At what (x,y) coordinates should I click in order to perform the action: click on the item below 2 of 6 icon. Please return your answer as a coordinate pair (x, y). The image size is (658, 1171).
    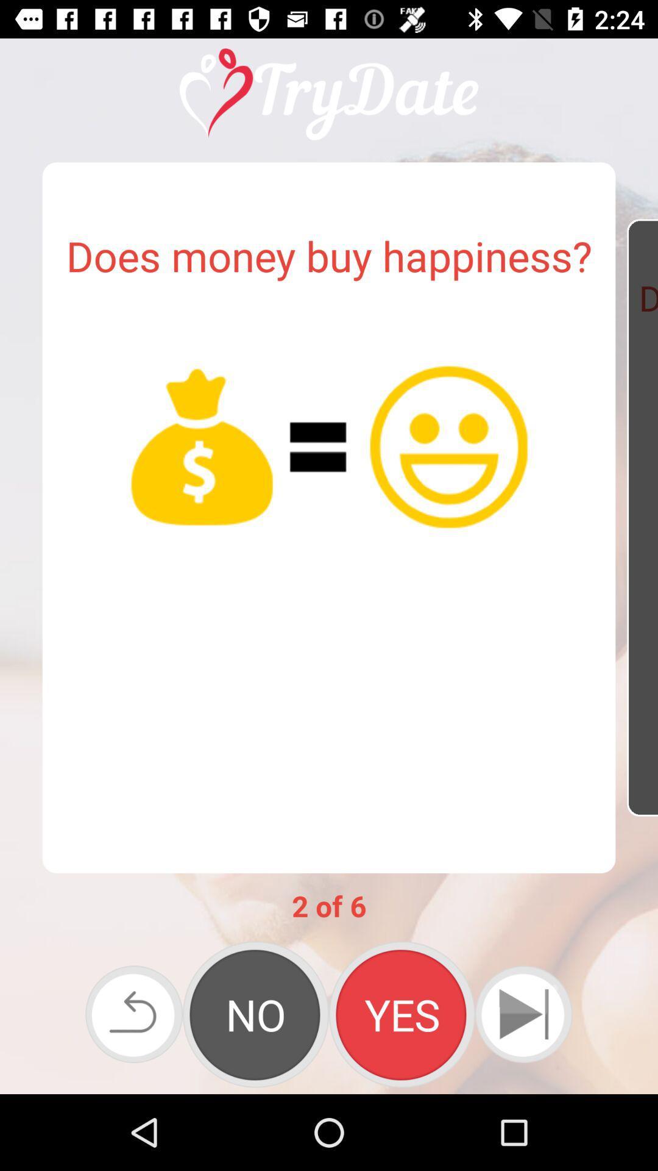
    Looking at the image, I should click on (523, 1014).